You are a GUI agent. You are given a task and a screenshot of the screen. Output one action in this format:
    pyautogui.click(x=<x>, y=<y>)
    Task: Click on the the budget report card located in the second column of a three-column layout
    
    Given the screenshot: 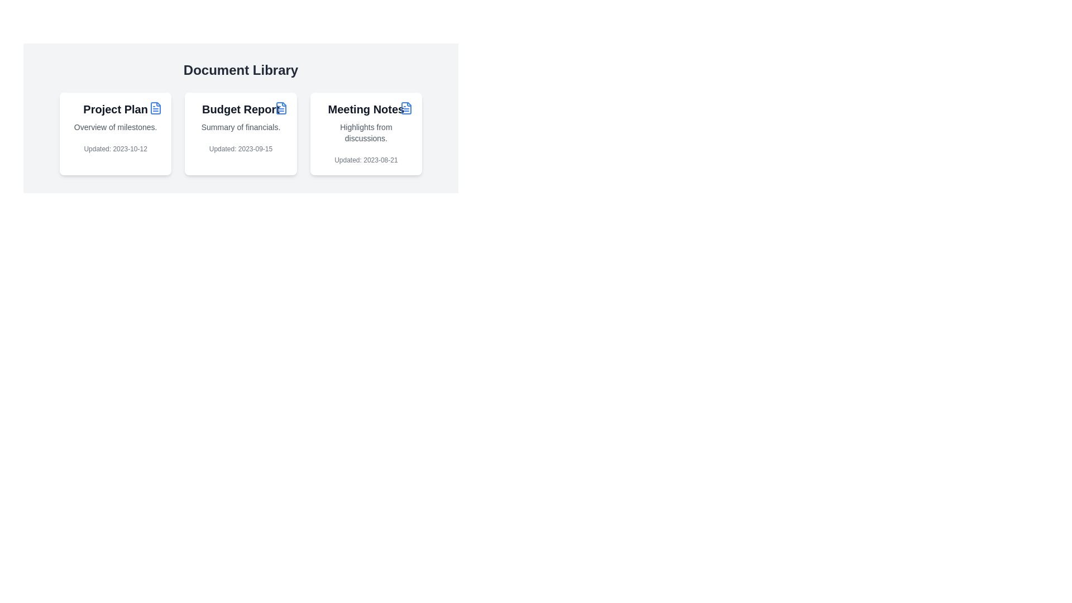 What is the action you would take?
    pyautogui.click(x=240, y=133)
    